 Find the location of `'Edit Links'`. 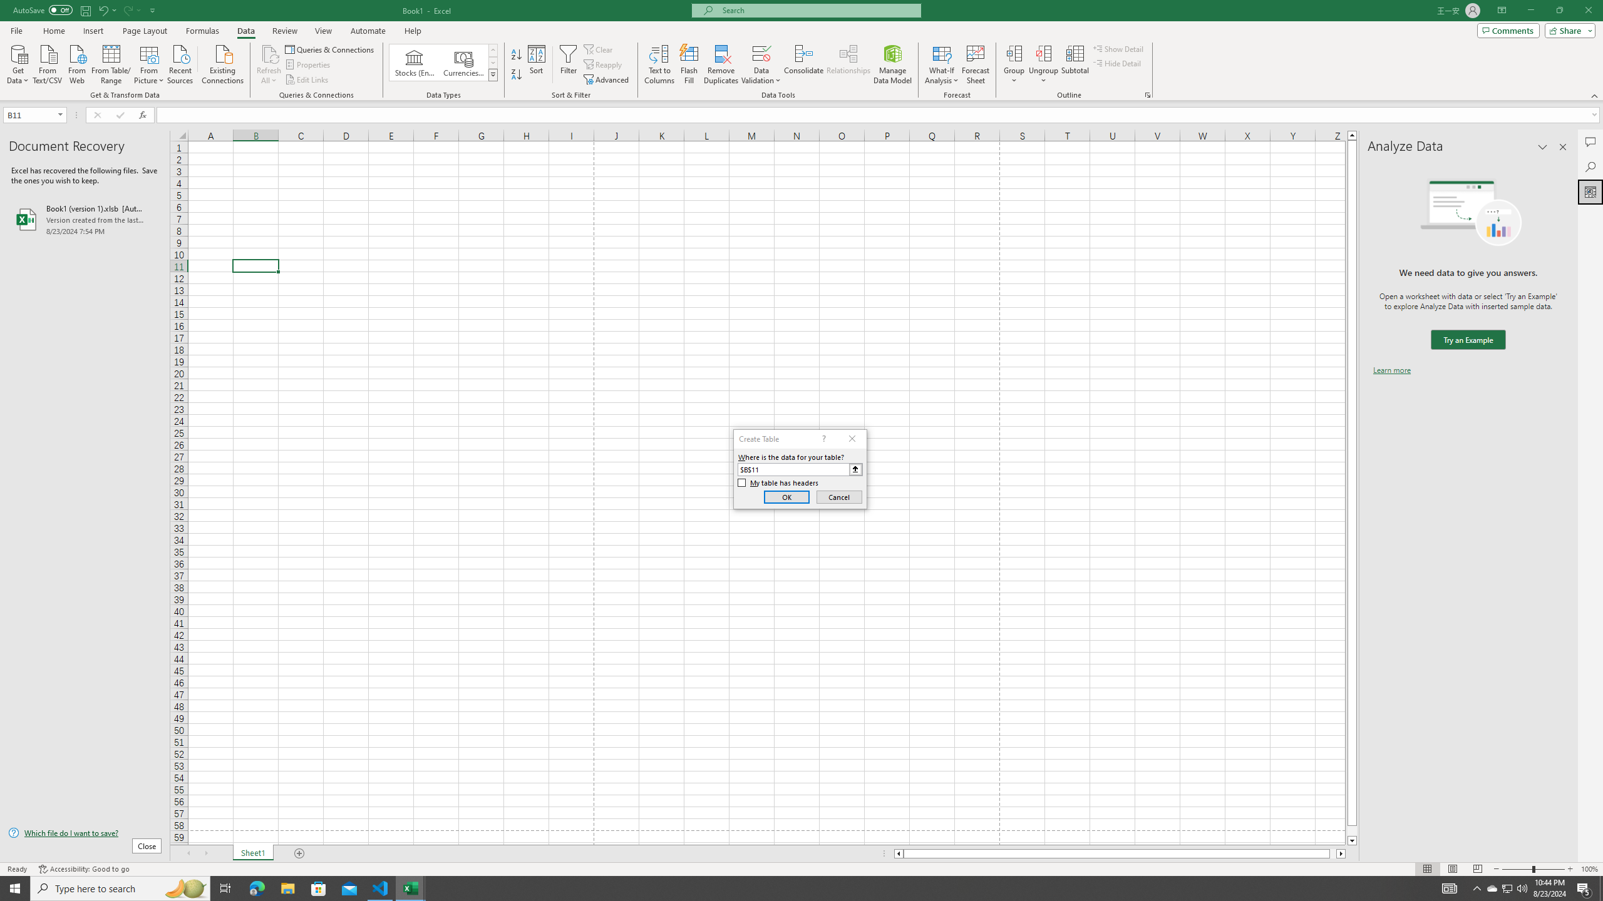

'Edit Links' is located at coordinates (307, 79).